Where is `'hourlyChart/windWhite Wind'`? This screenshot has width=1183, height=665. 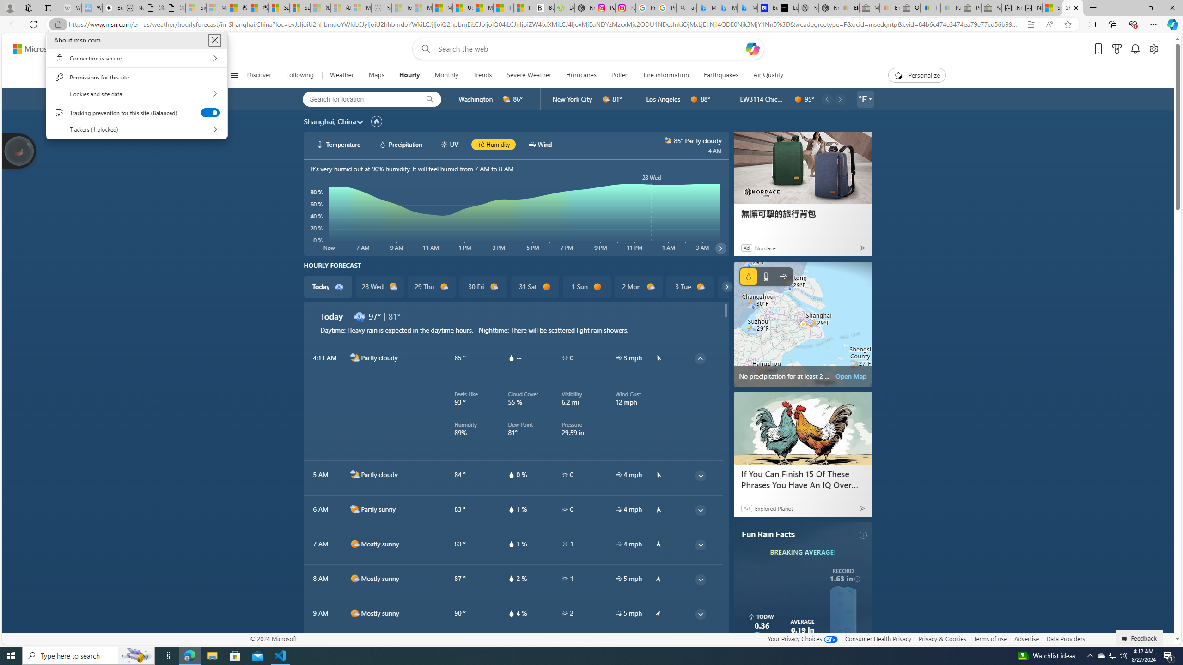 'hourlyChart/windWhite Wind' is located at coordinates (539, 145).